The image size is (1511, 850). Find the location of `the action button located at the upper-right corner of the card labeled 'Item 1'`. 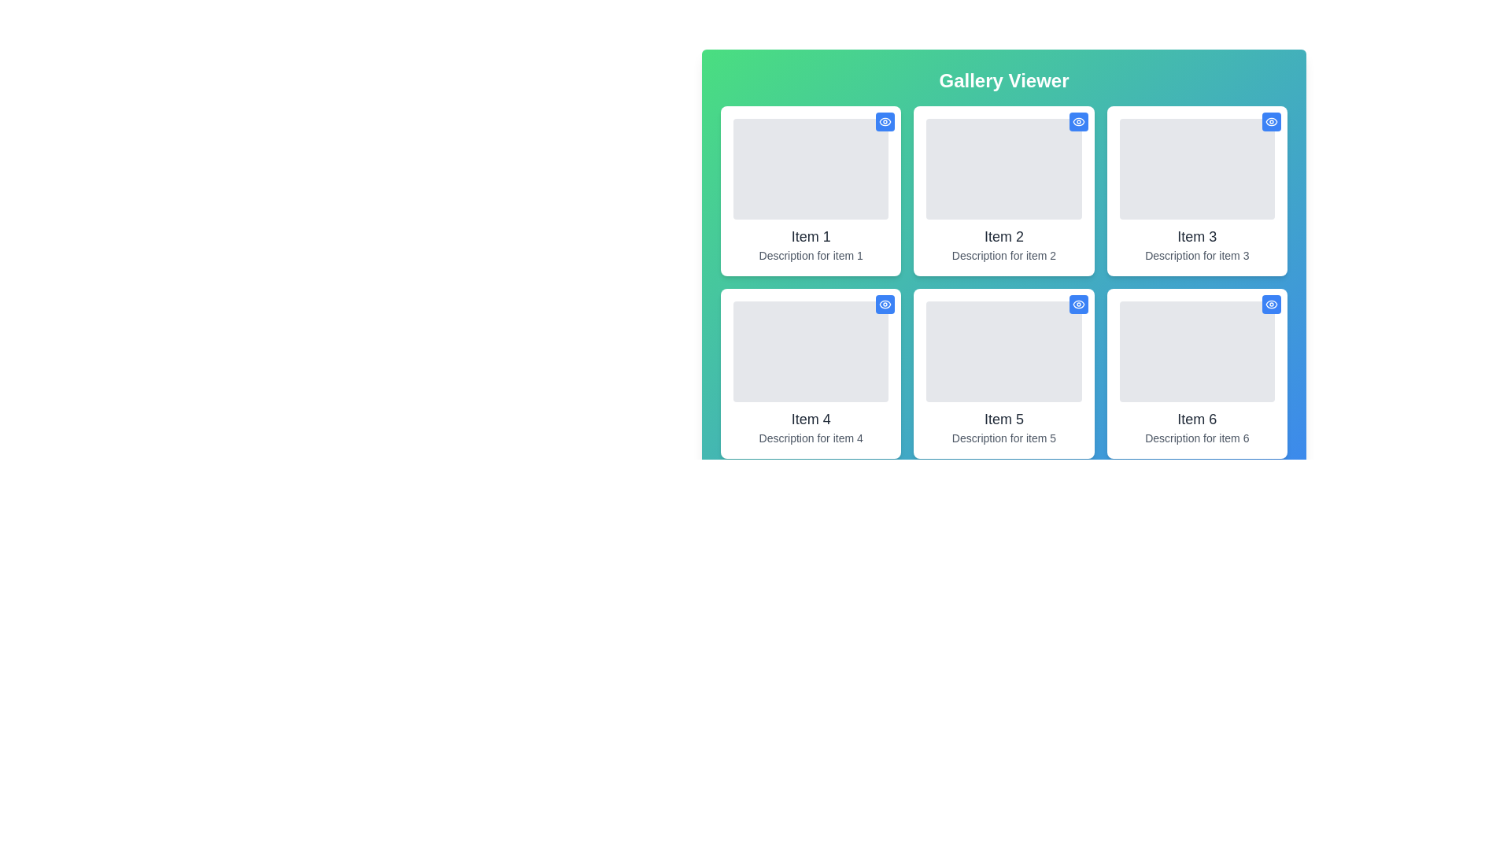

the action button located at the upper-right corner of the card labeled 'Item 1' is located at coordinates (885, 120).